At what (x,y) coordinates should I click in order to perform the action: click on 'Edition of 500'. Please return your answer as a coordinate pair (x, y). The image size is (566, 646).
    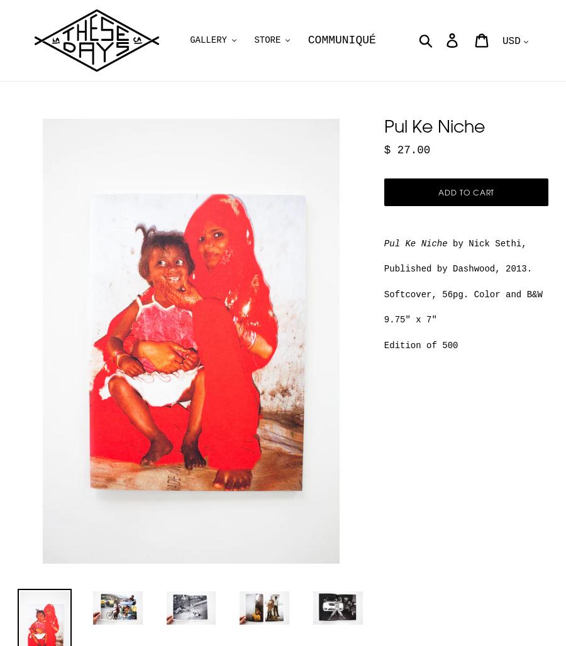
    Looking at the image, I should click on (420, 344).